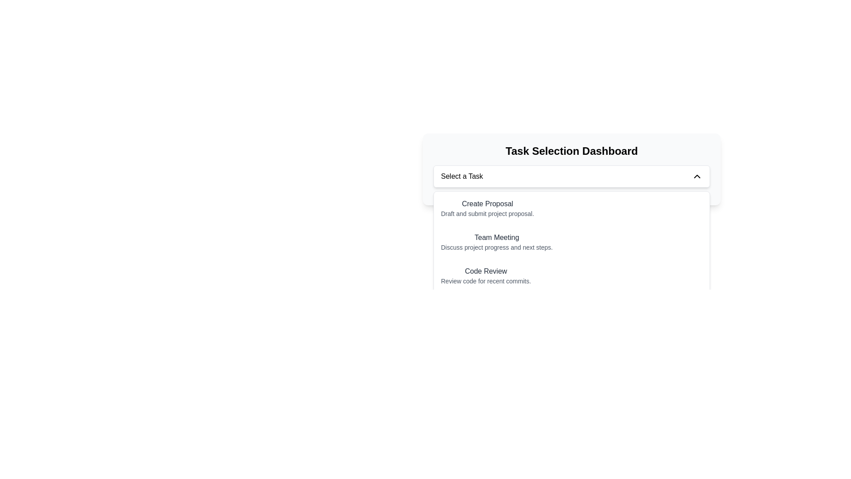 The image size is (851, 479). Describe the element at coordinates (487, 208) in the screenshot. I see `the first list item in the dropdown menu labeled 'Create a Project Proposal' for more context` at that location.